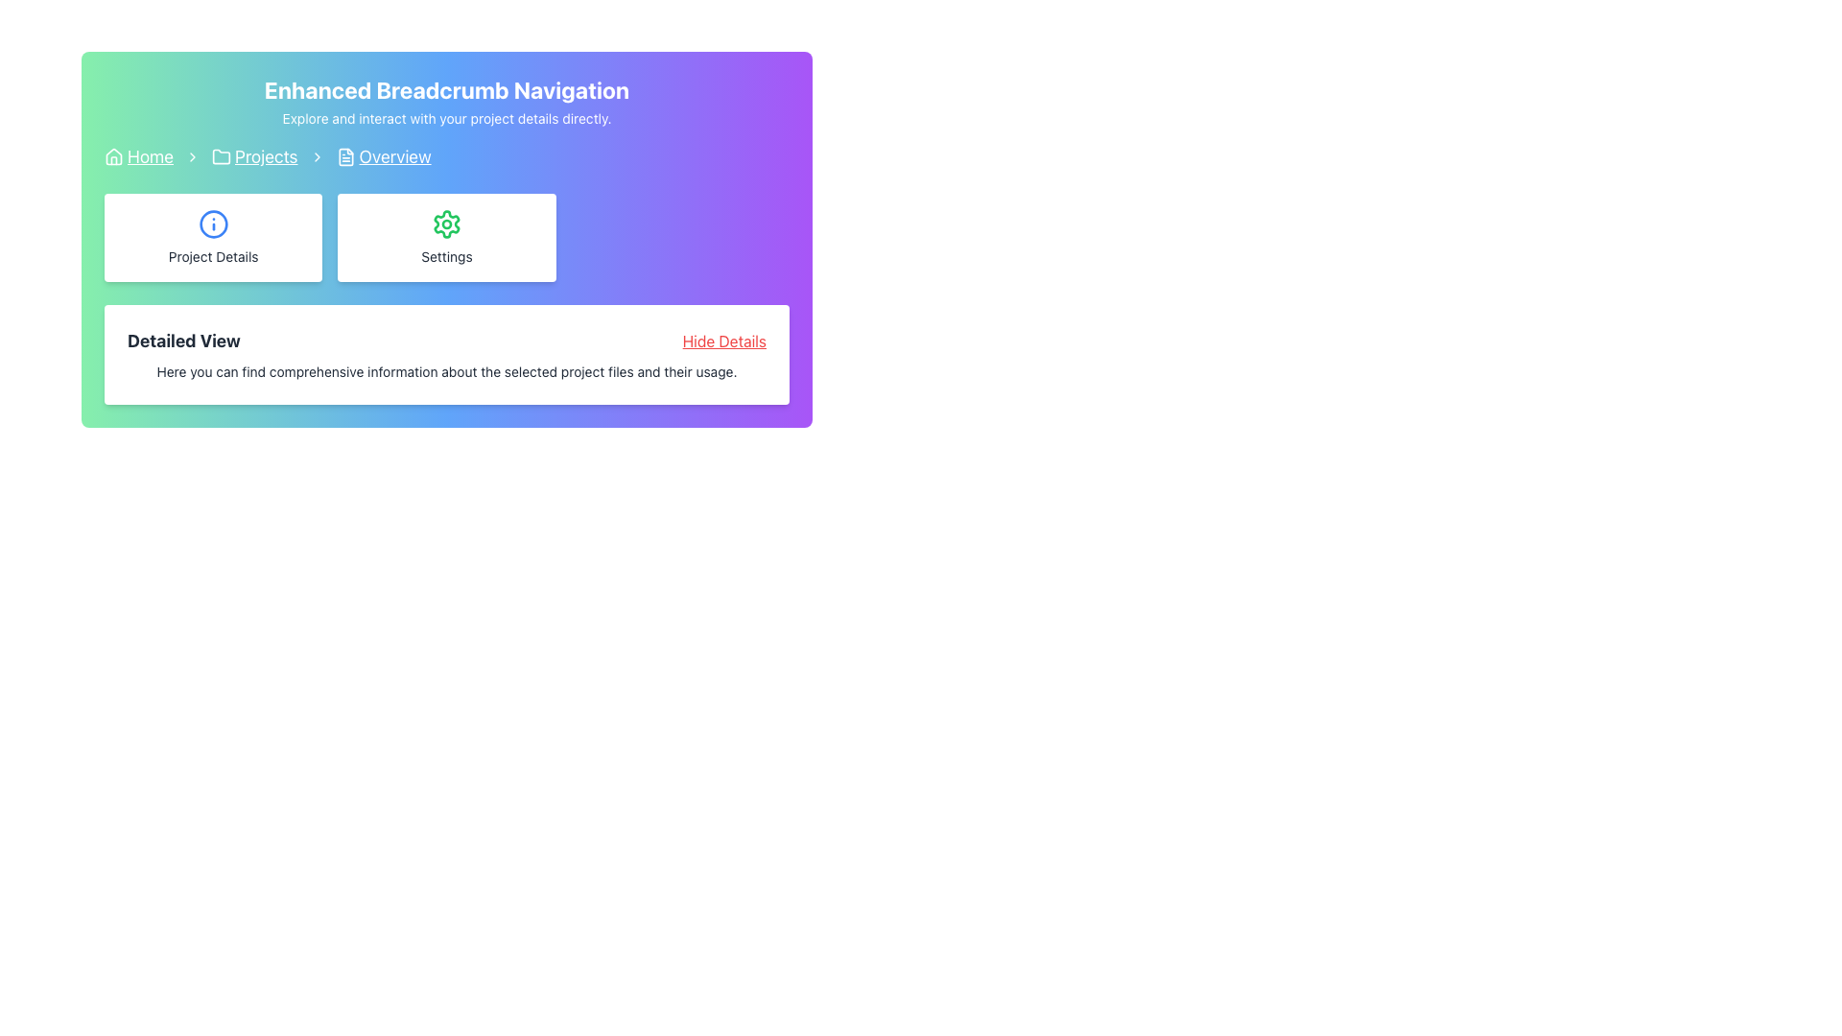 Image resolution: width=1842 pixels, height=1036 pixels. What do you see at coordinates (150, 156) in the screenshot?
I see `the interactive text link labeled 'Home' in the breadcrumb navigation` at bounding box center [150, 156].